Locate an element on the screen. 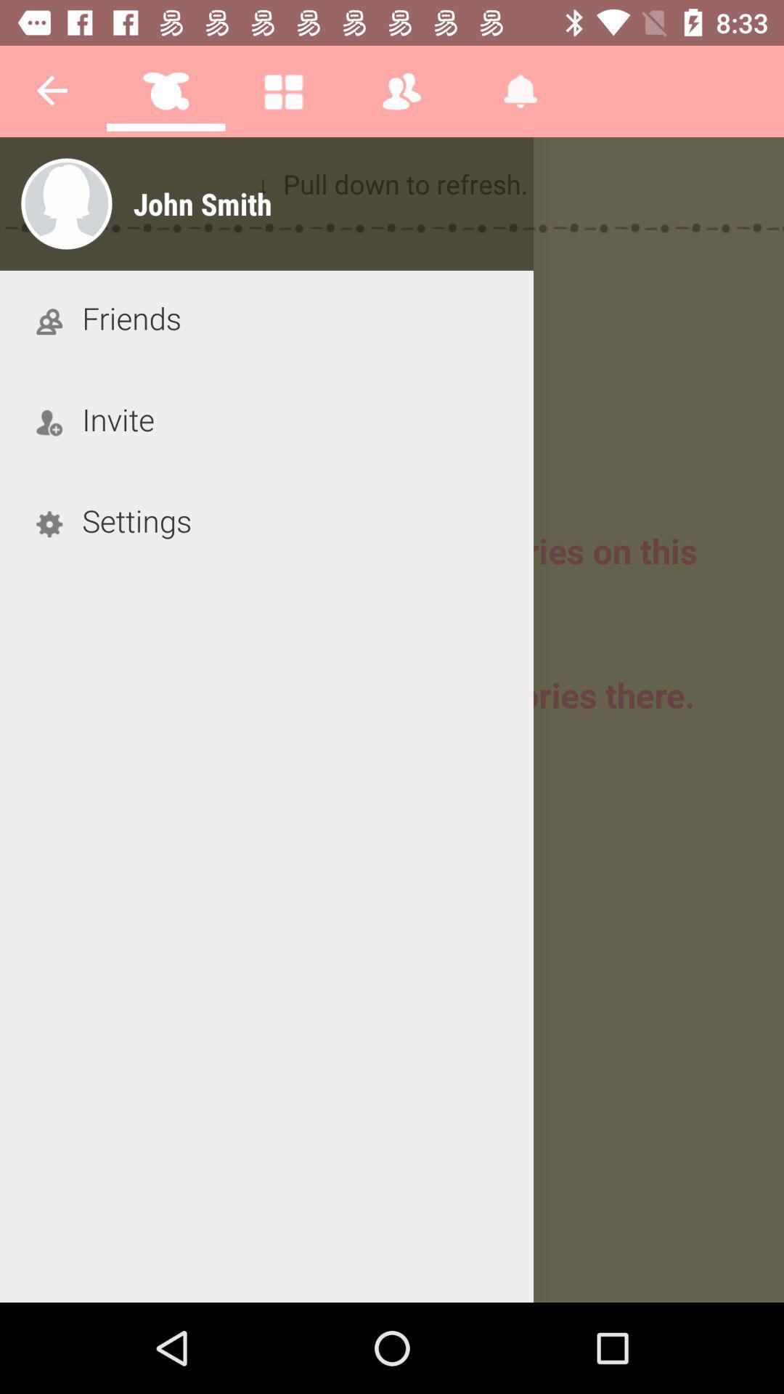 Image resolution: width=784 pixels, height=1394 pixels. the profile which is at the left side of the page is located at coordinates (67, 203).